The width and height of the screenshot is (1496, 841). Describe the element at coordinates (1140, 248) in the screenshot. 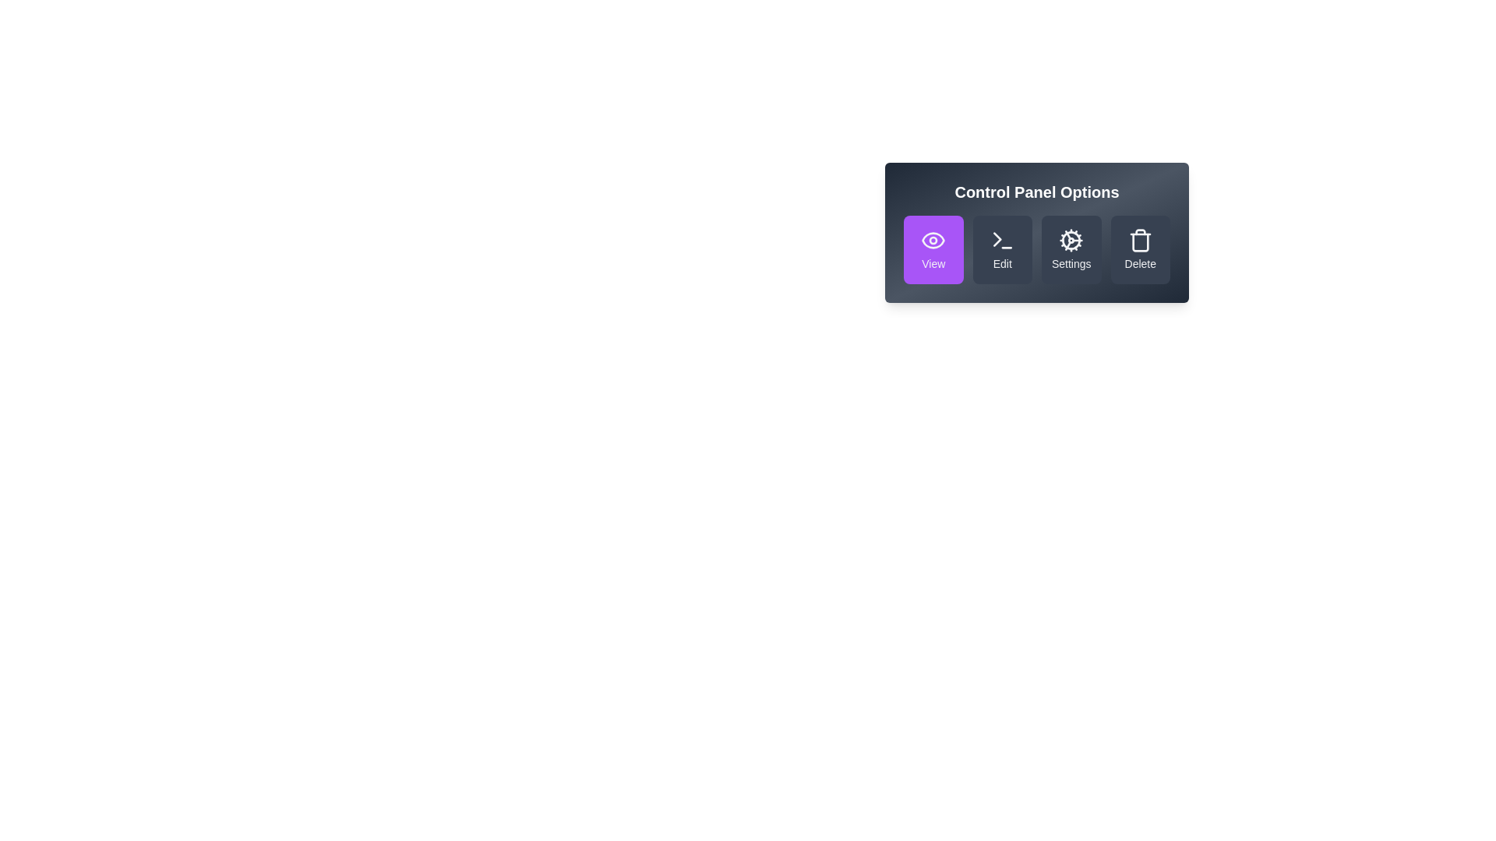

I see `the 'Delete' button with a trash bin icon located in the control panel, which is the fourth button in a grid layout` at that location.